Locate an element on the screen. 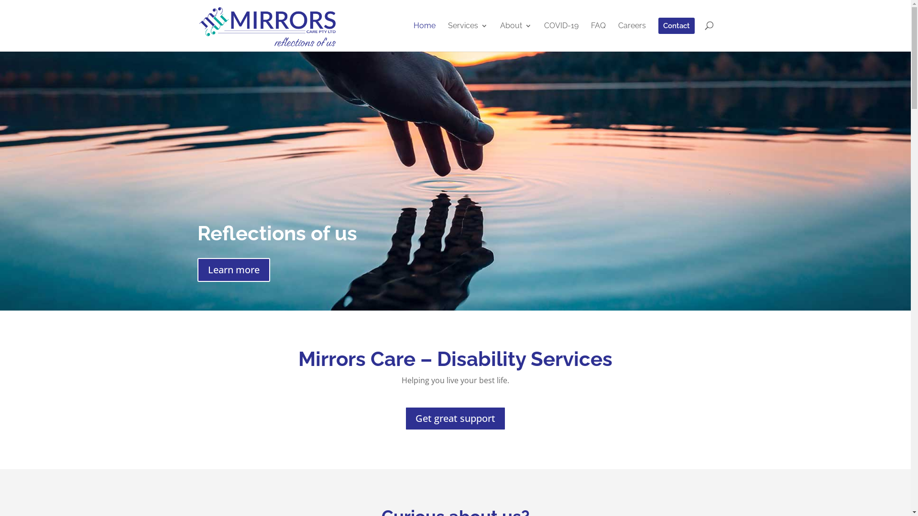  'Learn more' is located at coordinates (233, 269).